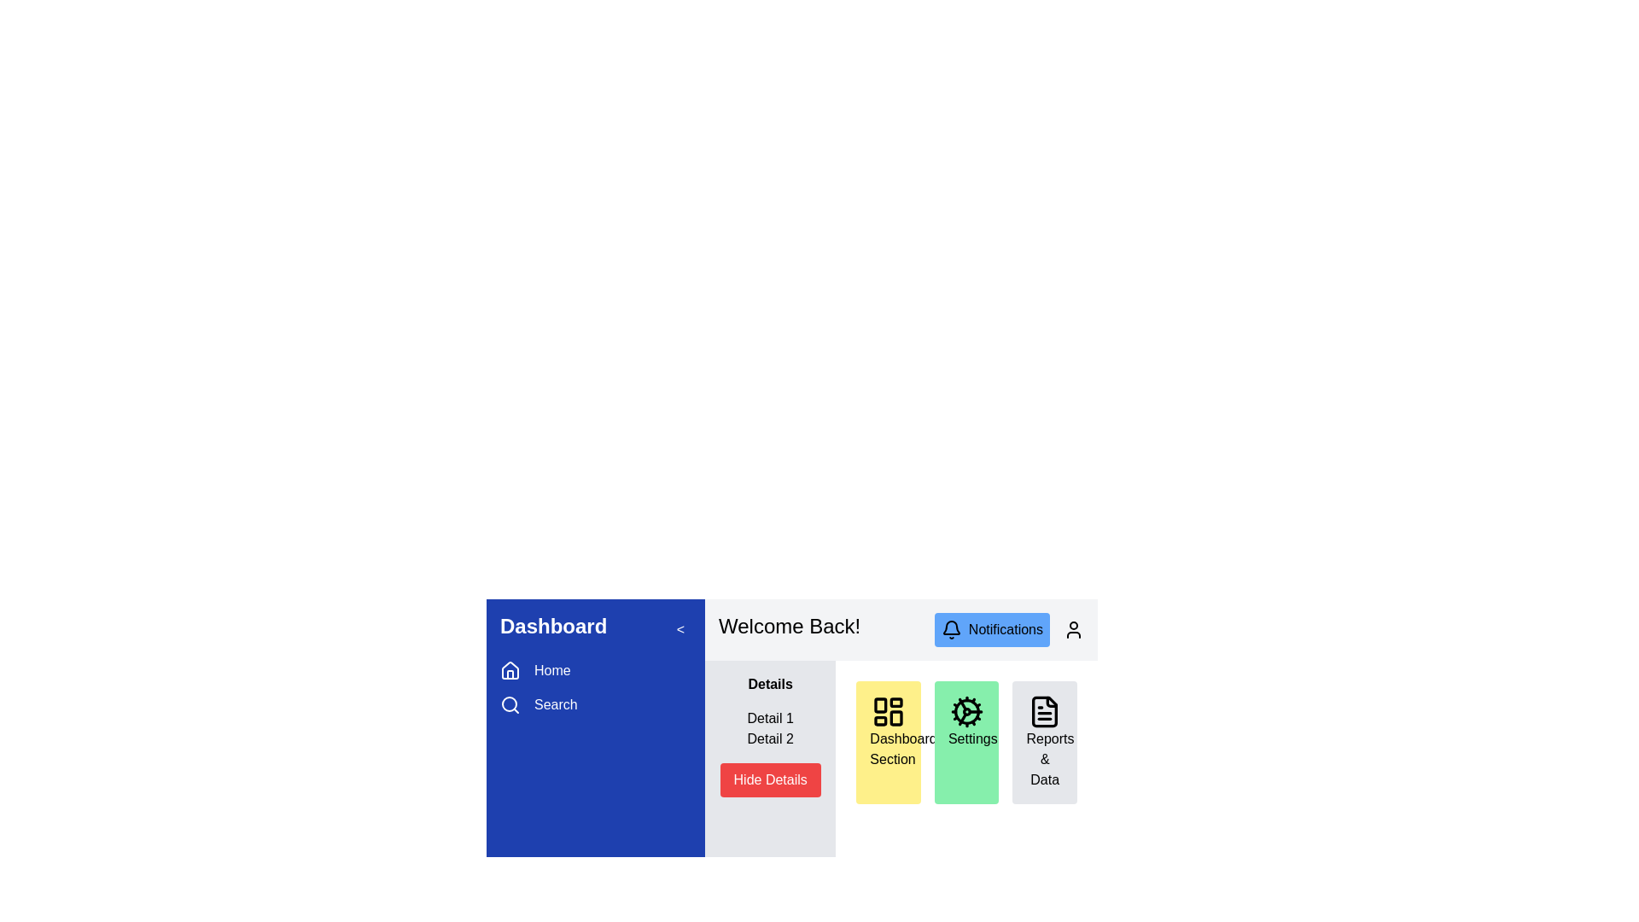 The height and width of the screenshot is (922, 1639). I want to click on the text label displaying 'Details' in bold font, which is positioned within a gray box and located in the middle-right section of the interface, so click(769, 684).